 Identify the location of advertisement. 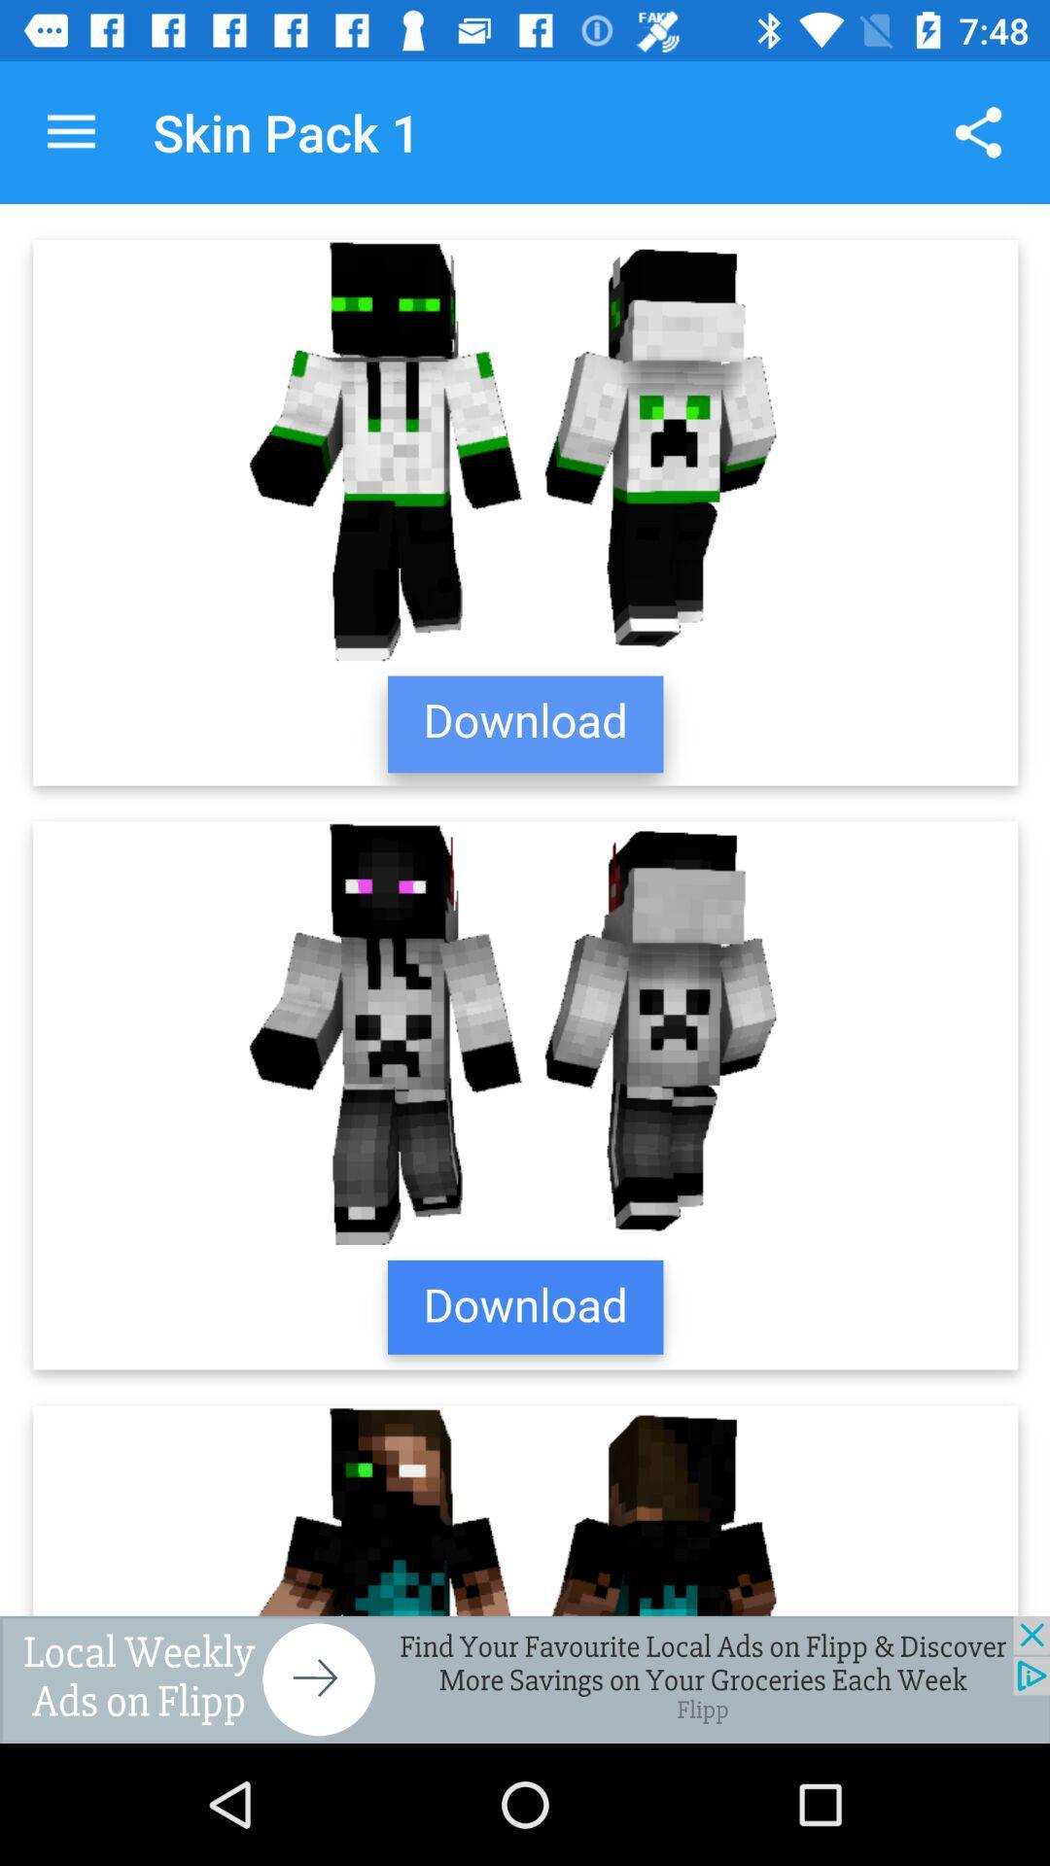
(525, 1678).